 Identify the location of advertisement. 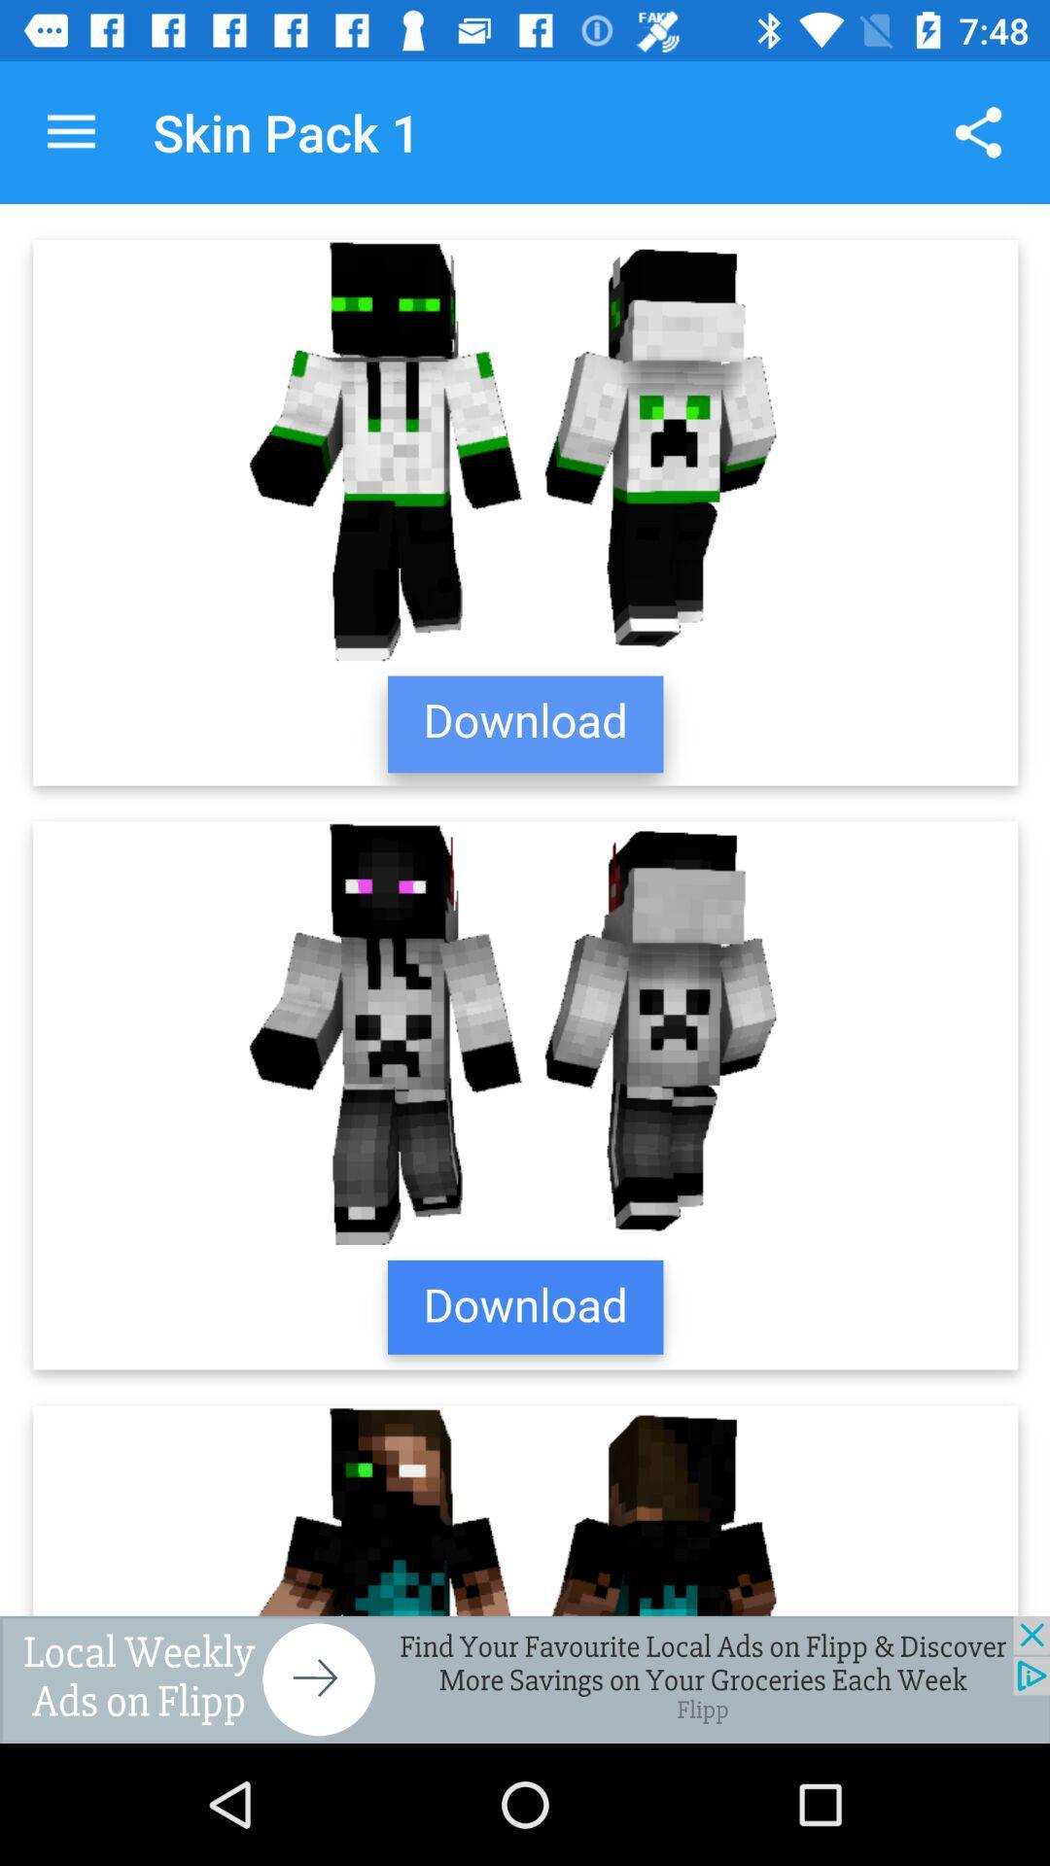
(525, 1678).